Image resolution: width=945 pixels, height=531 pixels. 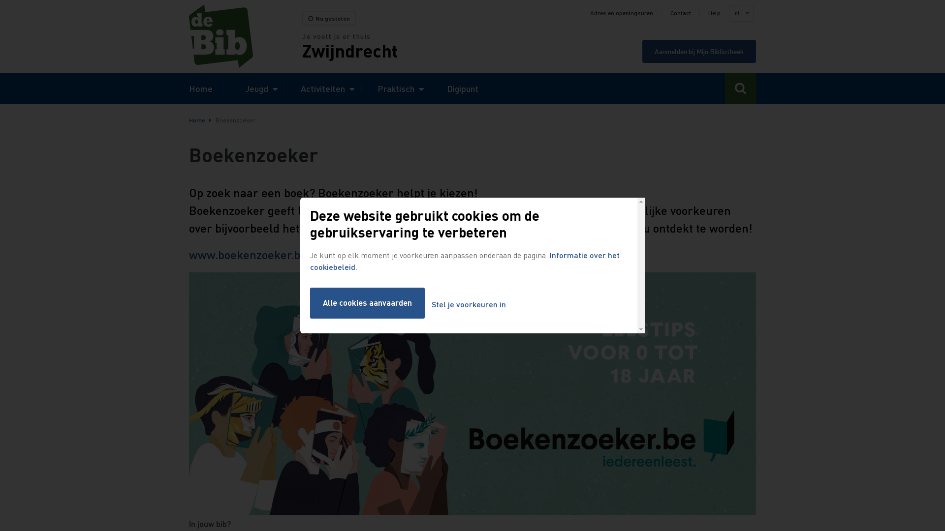 What do you see at coordinates (248, 254) in the screenshot?
I see `'www.boekenzoeker.be'` at bounding box center [248, 254].